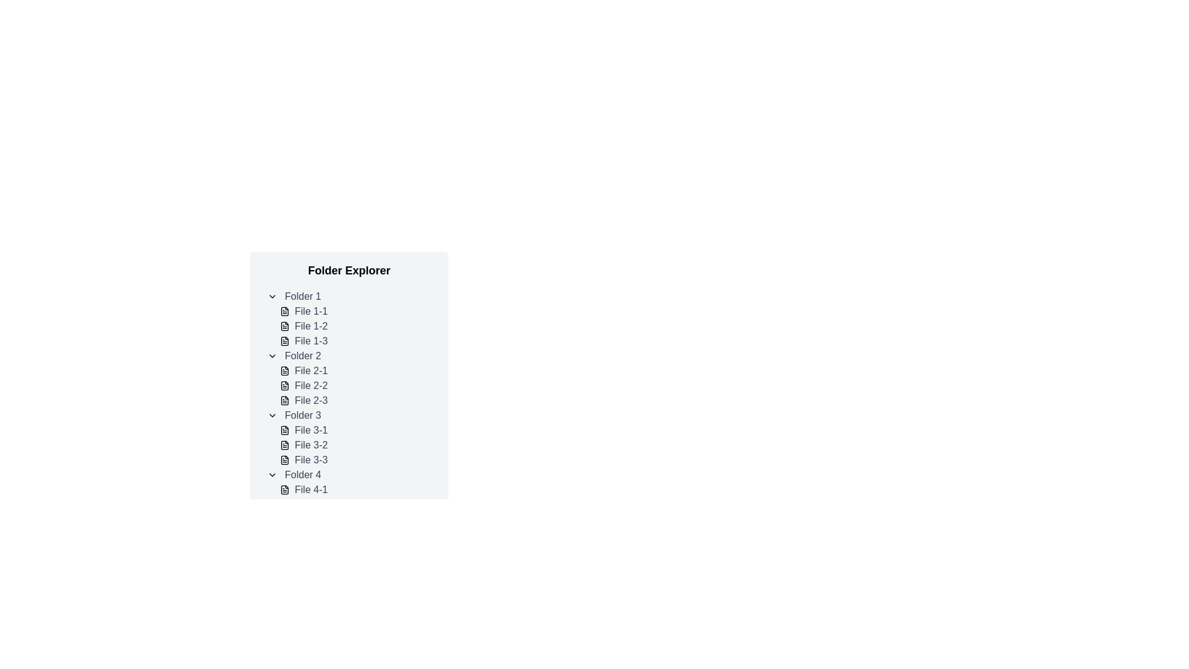  What do you see at coordinates (356, 341) in the screenshot?
I see `the file 'File 1-3'` at bounding box center [356, 341].